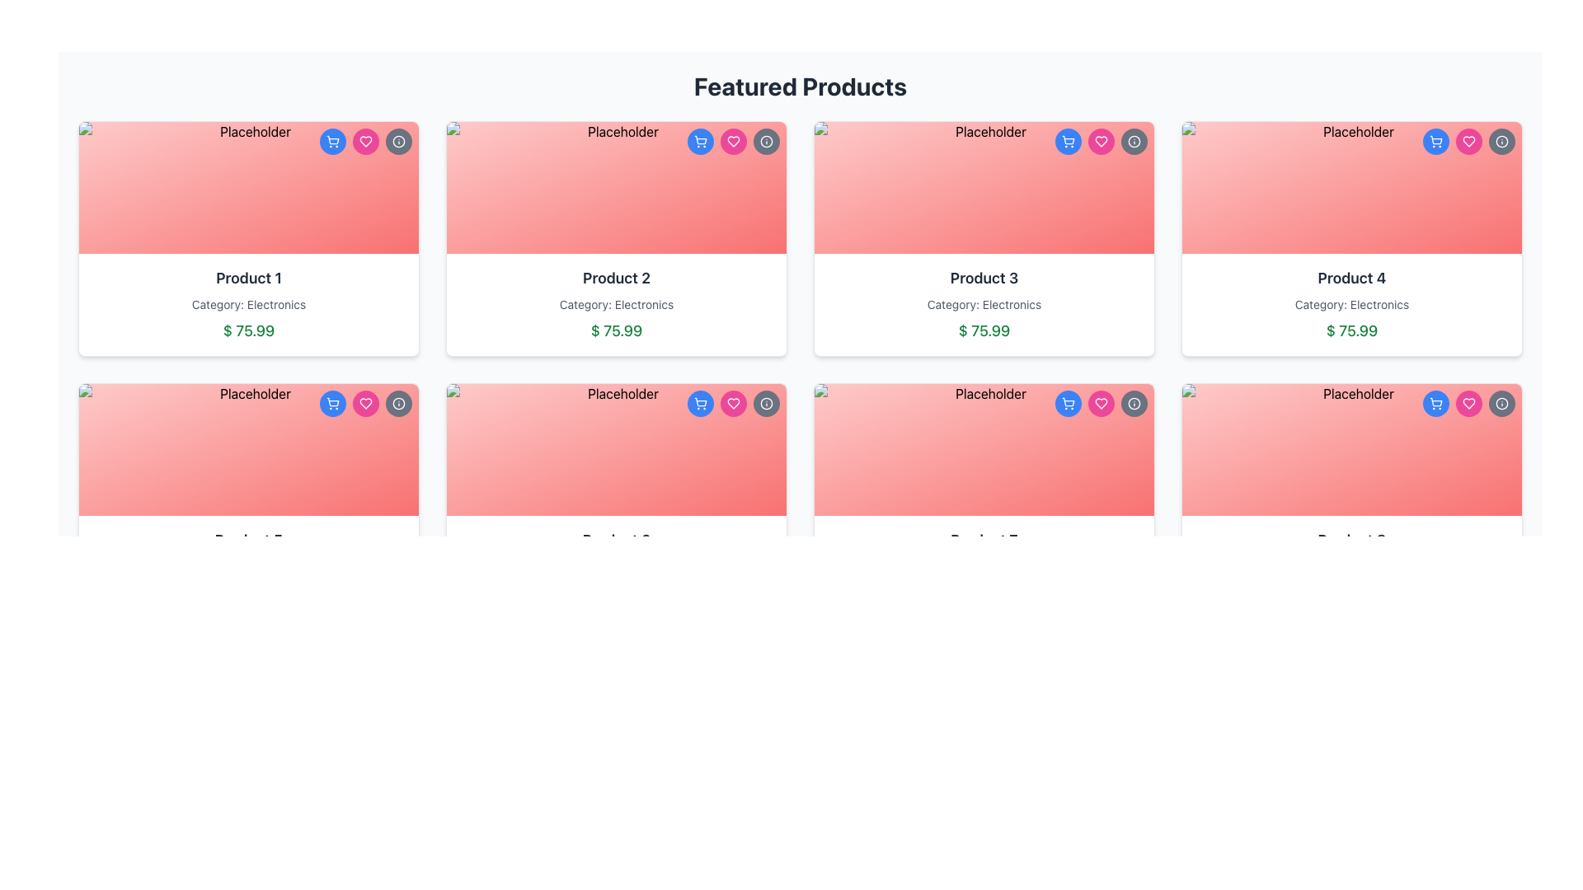  Describe the element at coordinates (766, 403) in the screenshot. I see `the informational icon located at the top-right corner of the 'Product 2' card` at that location.